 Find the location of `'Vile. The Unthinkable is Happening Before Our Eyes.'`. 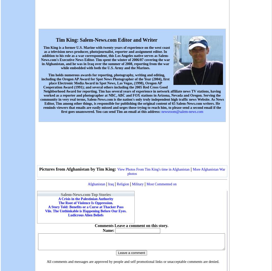

'Vile. The Unthinkable is Happening Before Our Eyes.' is located at coordinates (85, 211).